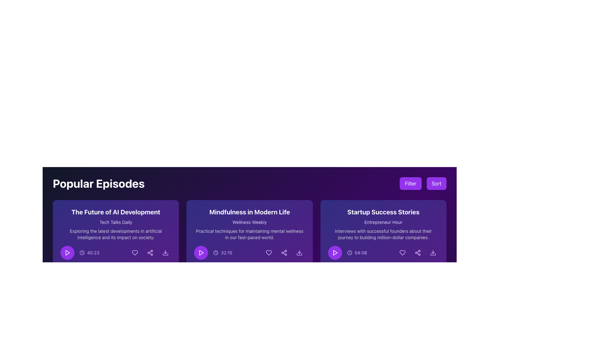  Describe the element at coordinates (82, 252) in the screenshot. I see `the SVG circle graphic which is part of the icon set in the card labeled 'The Future of AI Development', located adjacent to the duration text '45:23'` at that location.